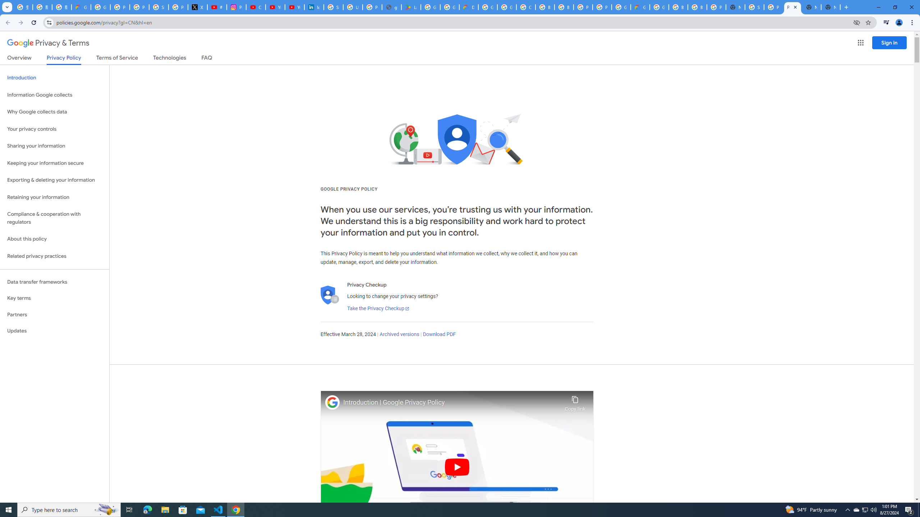 The height and width of the screenshot is (517, 920). Describe the element at coordinates (378, 308) in the screenshot. I see `'Take the Privacy Checkup'` at that location.